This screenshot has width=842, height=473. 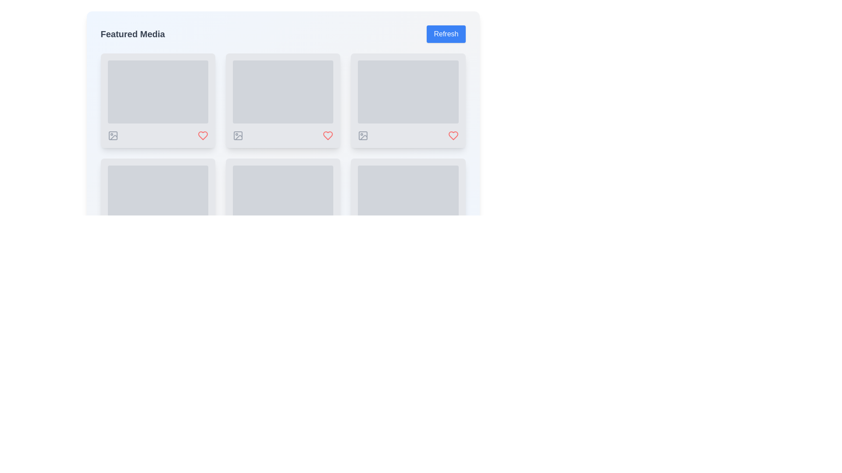 What do you see at coordinates (238, 135) in the screenshot?
I see `the gray rectangle with rounded corners located within the photo icon in the second column of the first row under 'Featured Media'` at bounding box center [238, 135].